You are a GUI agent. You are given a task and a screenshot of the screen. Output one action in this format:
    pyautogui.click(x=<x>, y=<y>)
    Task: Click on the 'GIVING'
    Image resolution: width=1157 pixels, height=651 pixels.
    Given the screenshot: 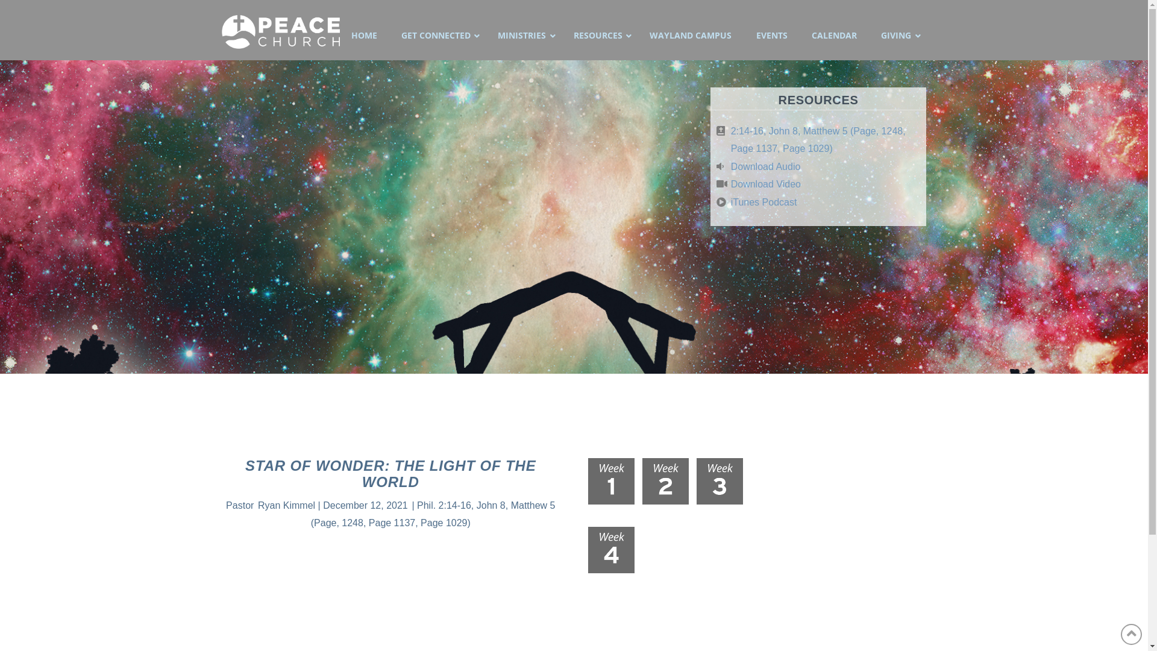 What is the action you would take?
    pyautogui.click(x=897, y=34)
    